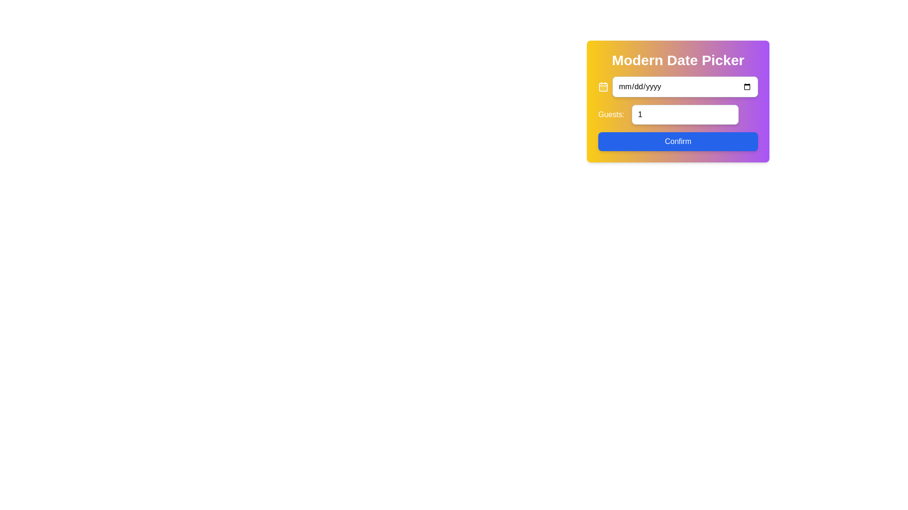 This screenshot has height=510, width=908. Describe the element at coordinates (685, 114) in the screenshot. I see `the number input field for specifying the number of guests to focus on it` at that location.